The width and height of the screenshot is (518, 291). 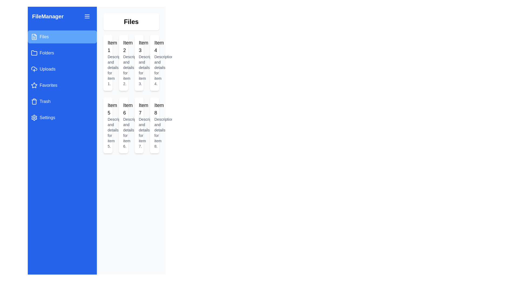 I want to click on the menu icon button located, so click(x=87, y=16).